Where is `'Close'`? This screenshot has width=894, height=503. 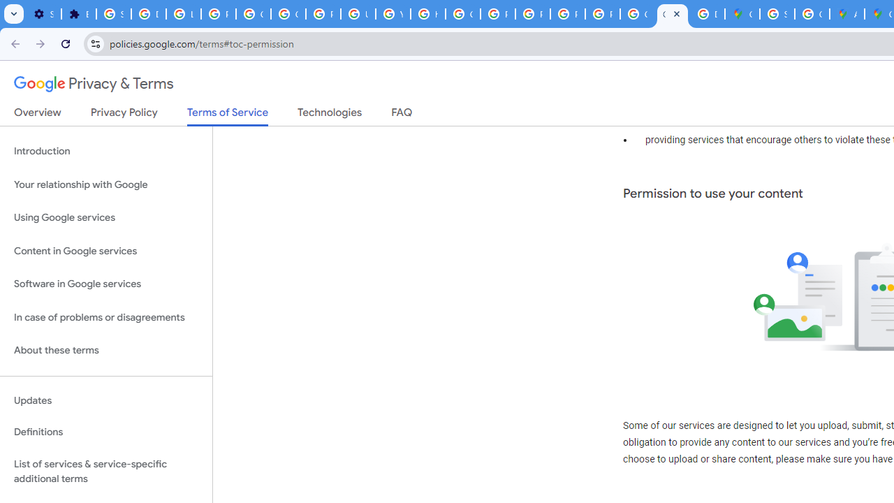
'Close' is located at coordinates (676, 13).